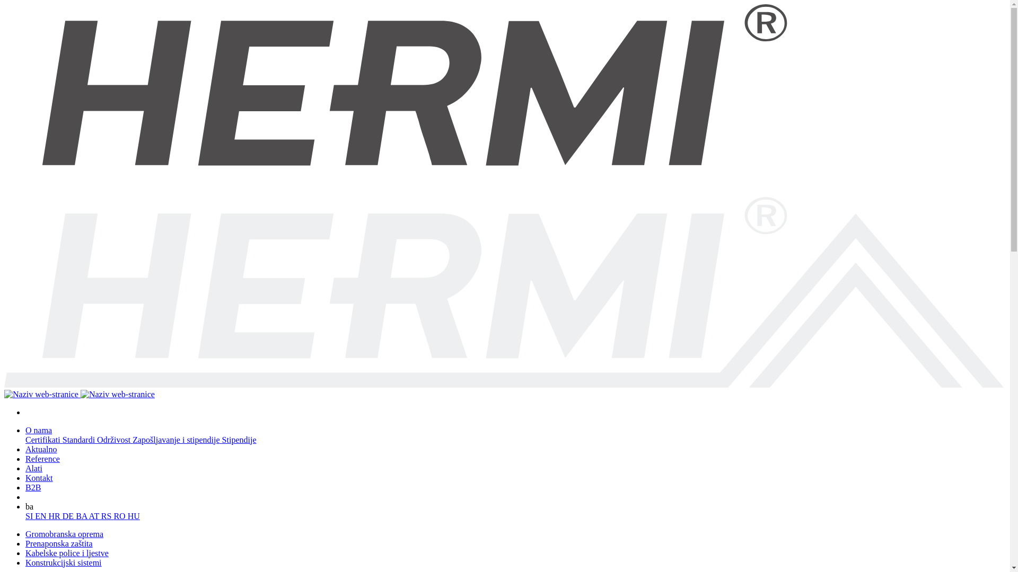 The height and width of the screenshot is (572, 1018). Describe the element at coordinates (63, 562) in the screenshot. I see `'Konstrukcijski sistemi'` at that location.